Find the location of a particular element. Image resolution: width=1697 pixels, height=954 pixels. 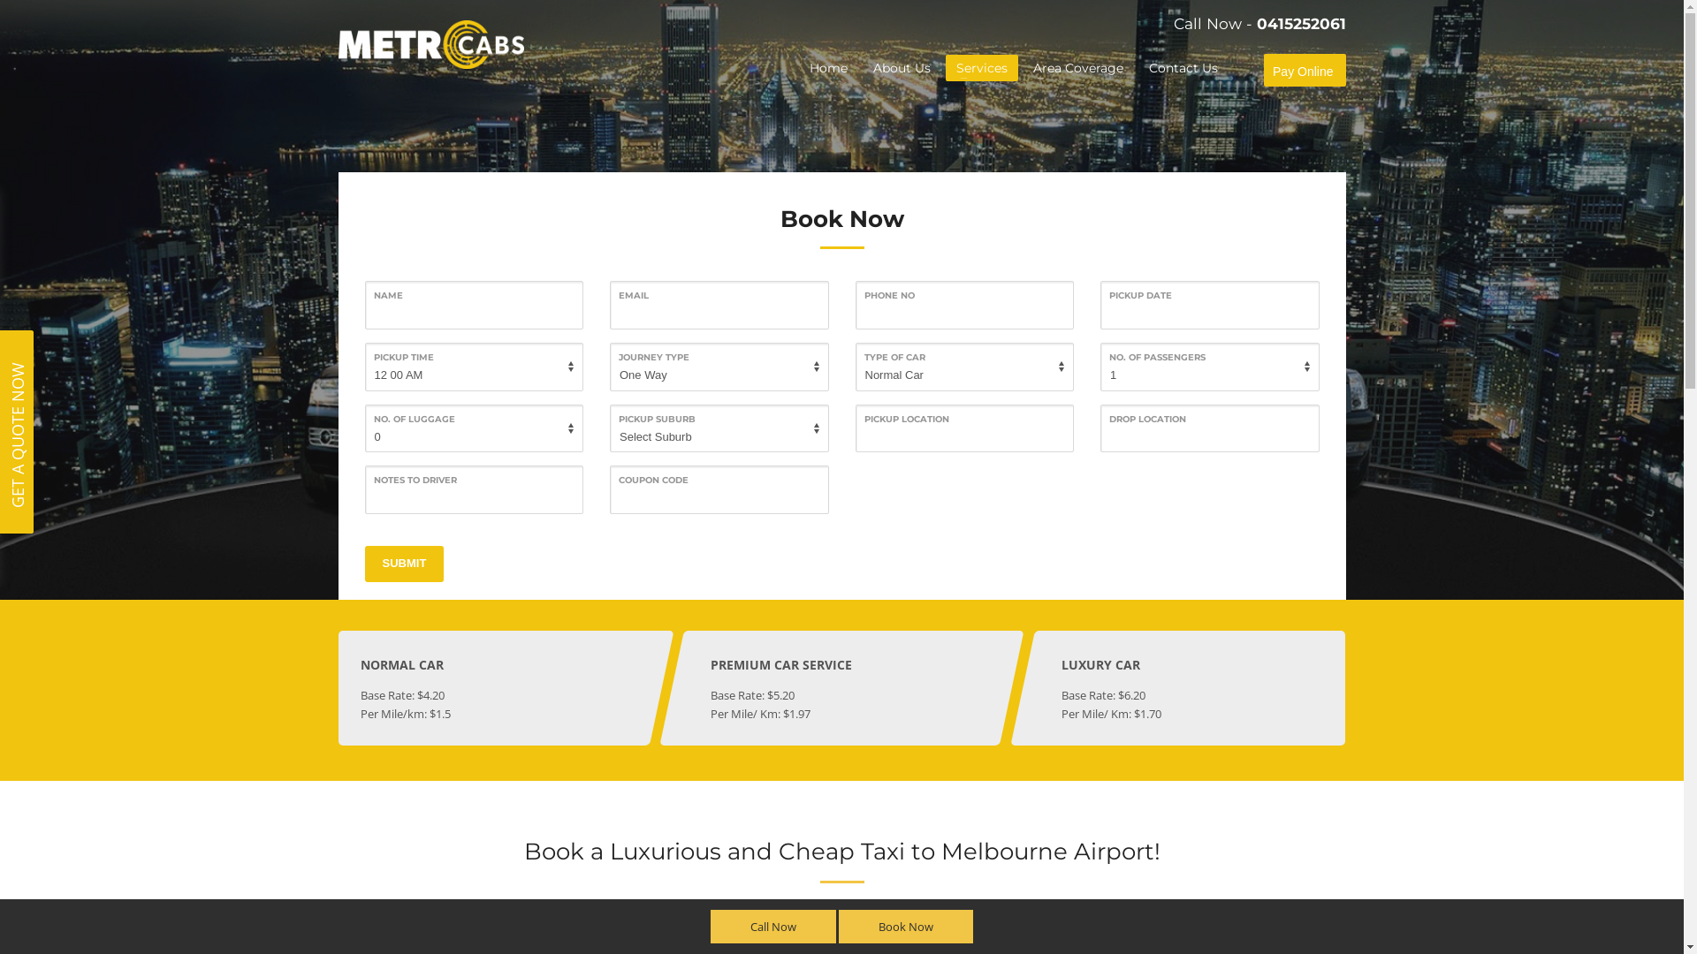

'Home' is located at coordinates (827, 67).